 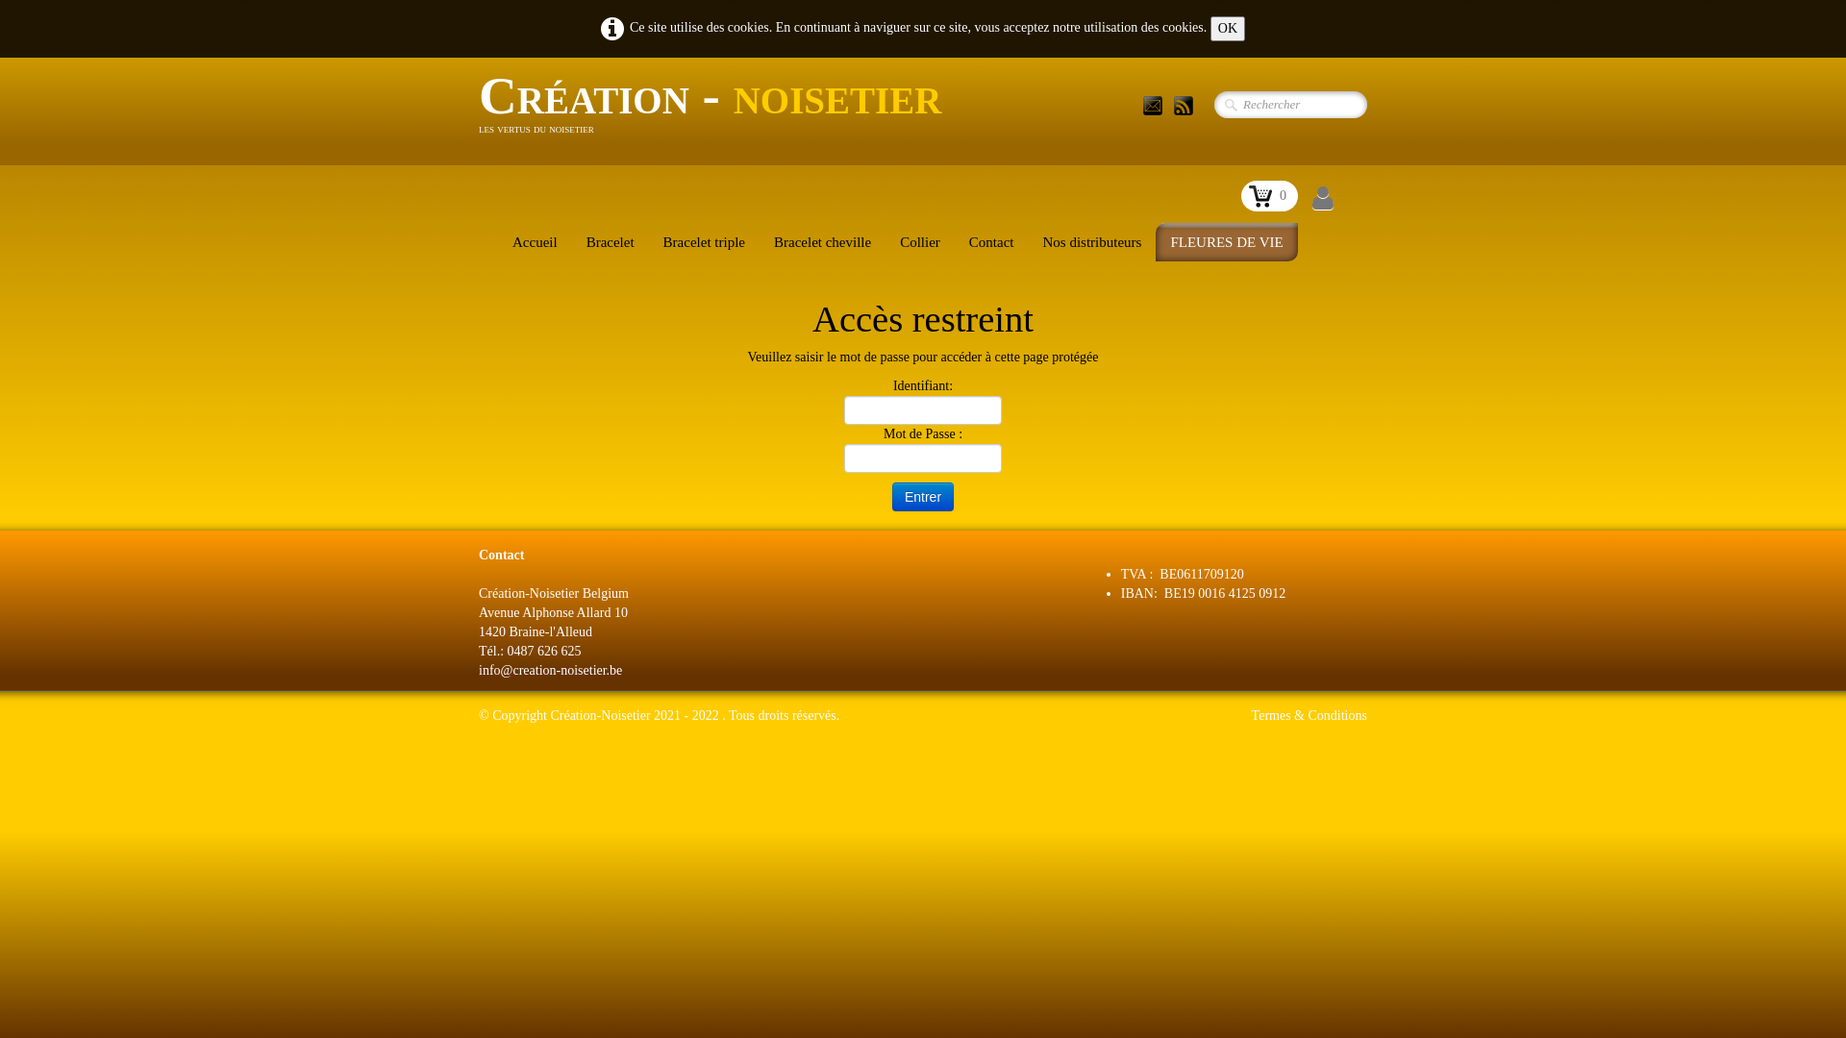 What do you see at coordinates (498, 240) in the screenshot?
I see `'Accueil'` at bounding box center [498, 240].